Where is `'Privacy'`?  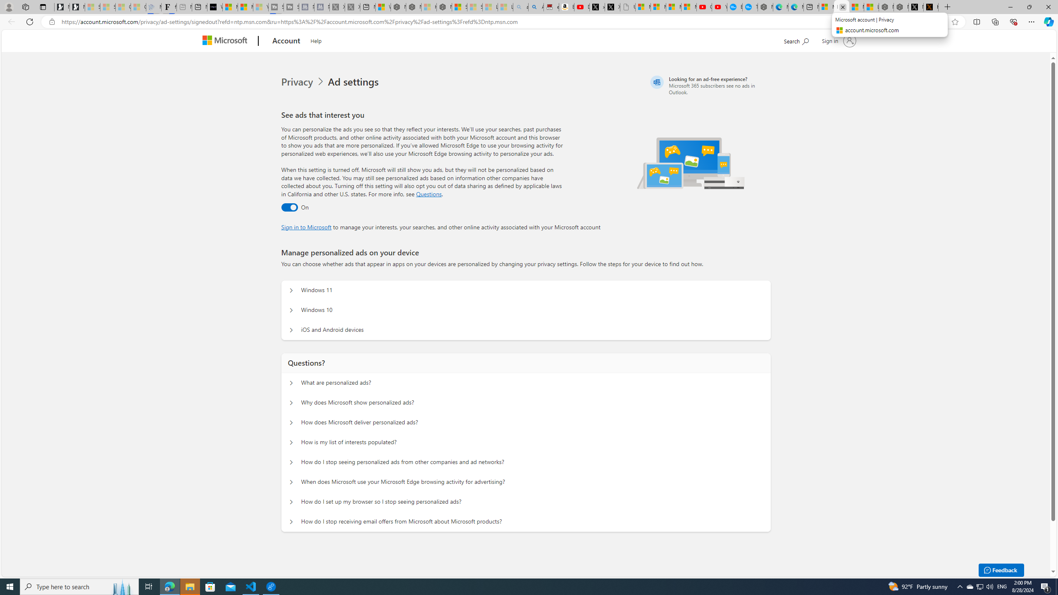
'Privacy' is located at coordinates (298, 82).